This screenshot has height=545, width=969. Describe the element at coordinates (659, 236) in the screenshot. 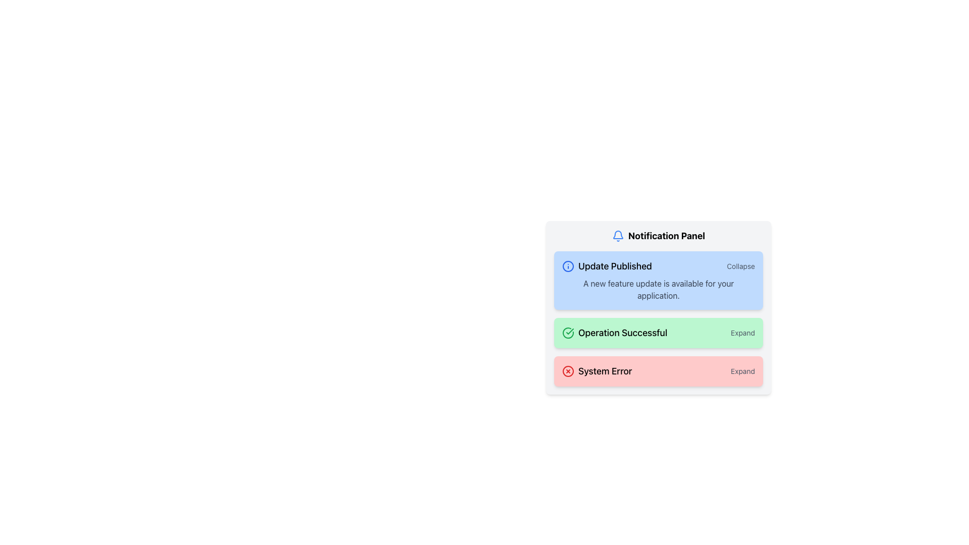

I see `the text label that serves as the header for the notification panel, indicating the section's function or content` at that location.